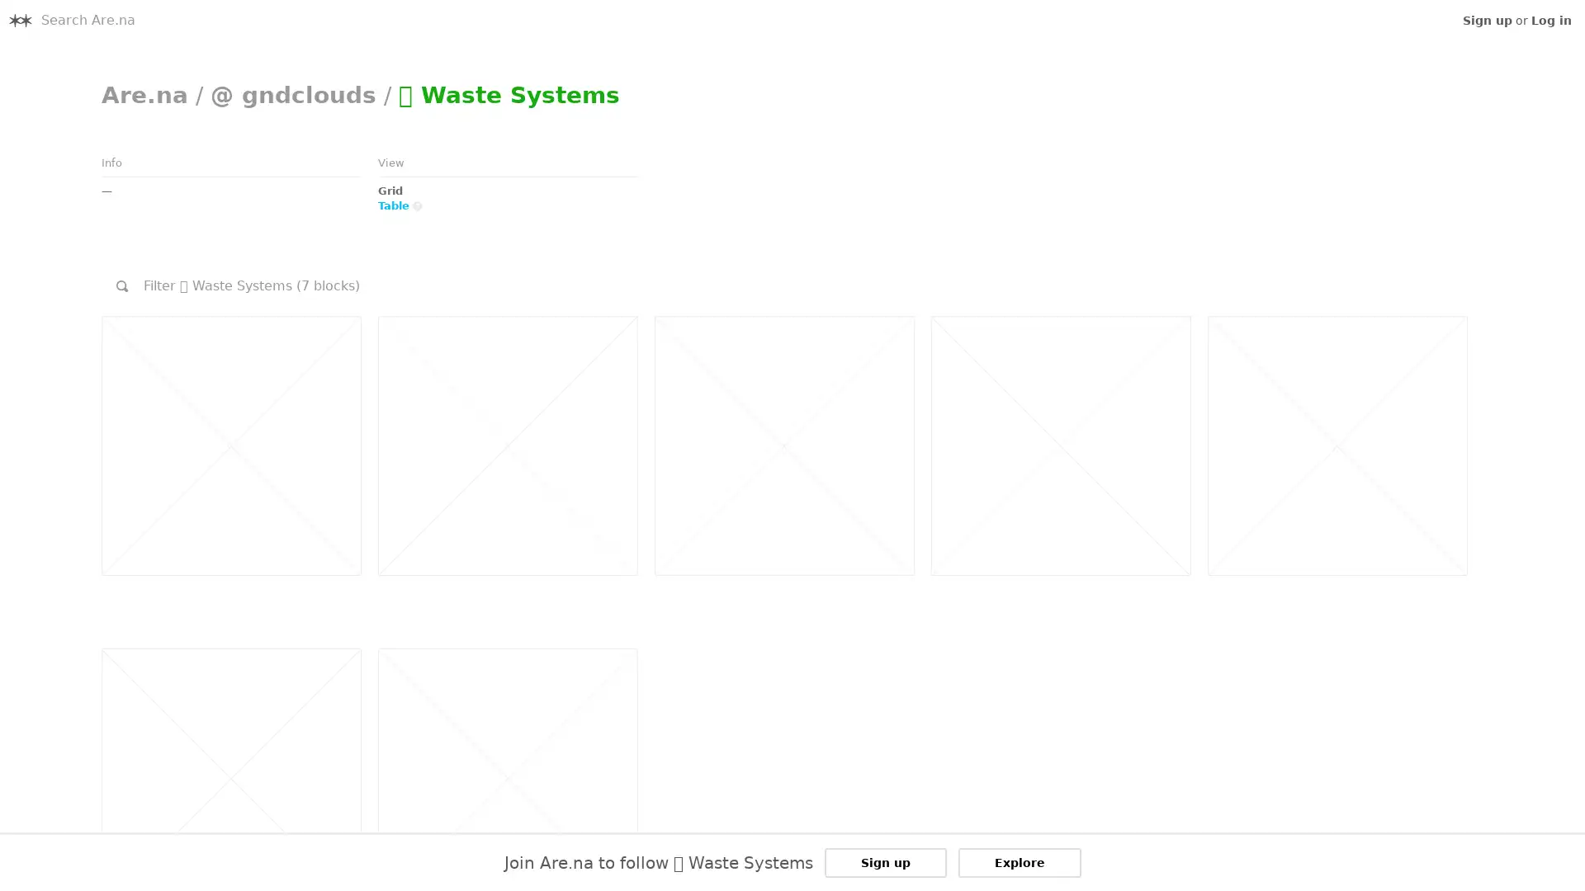 The width and height of the screenshot is (1585, 891). I want to click on Link to Link: This 26-Year-Old Designer Is Recycling Ceramic Waste Into Household Products - Curated By Debarati, so click(506, 445).